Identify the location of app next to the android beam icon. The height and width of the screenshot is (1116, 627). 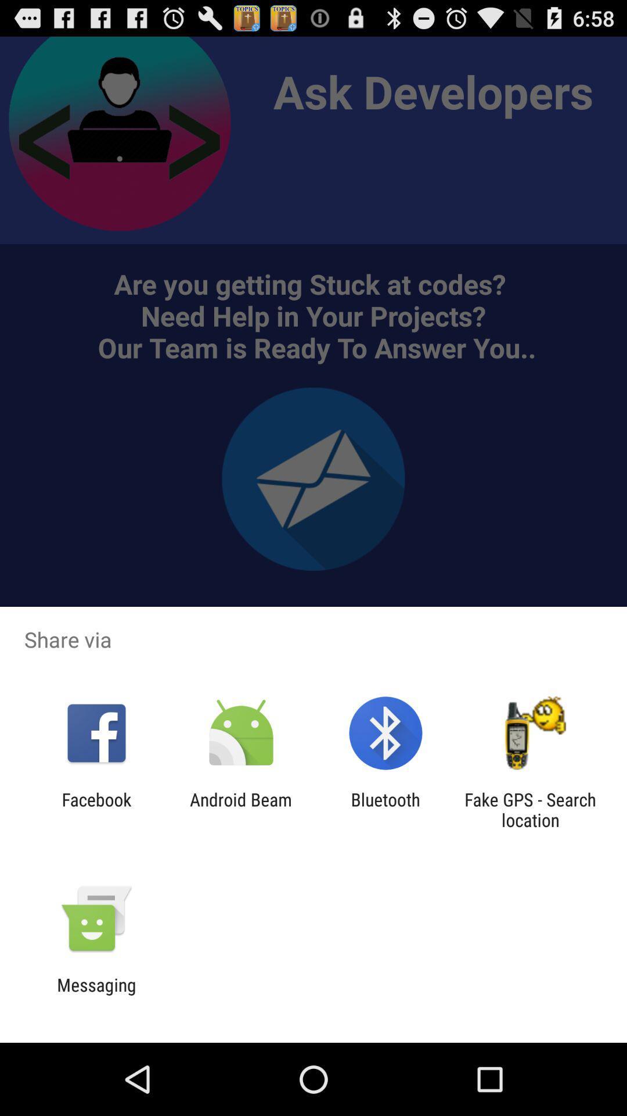
(385, 809).